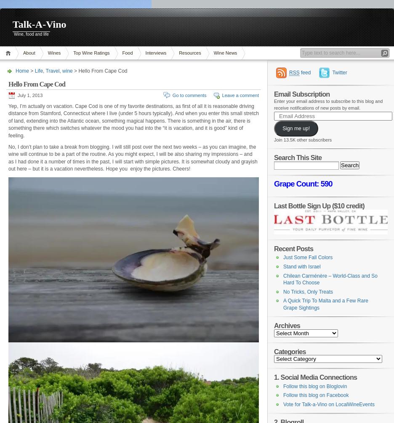 The image size is (394, 423). Describe the element at coordinates (15, 71) in the screenshot. I see `'Home'` at that location.